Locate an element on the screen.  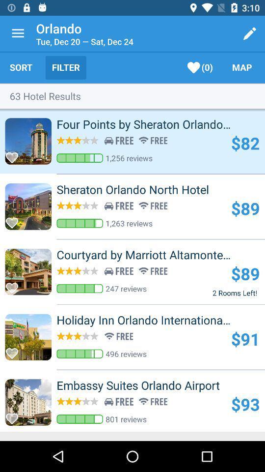
the map item is located at coordinates (241, 67).